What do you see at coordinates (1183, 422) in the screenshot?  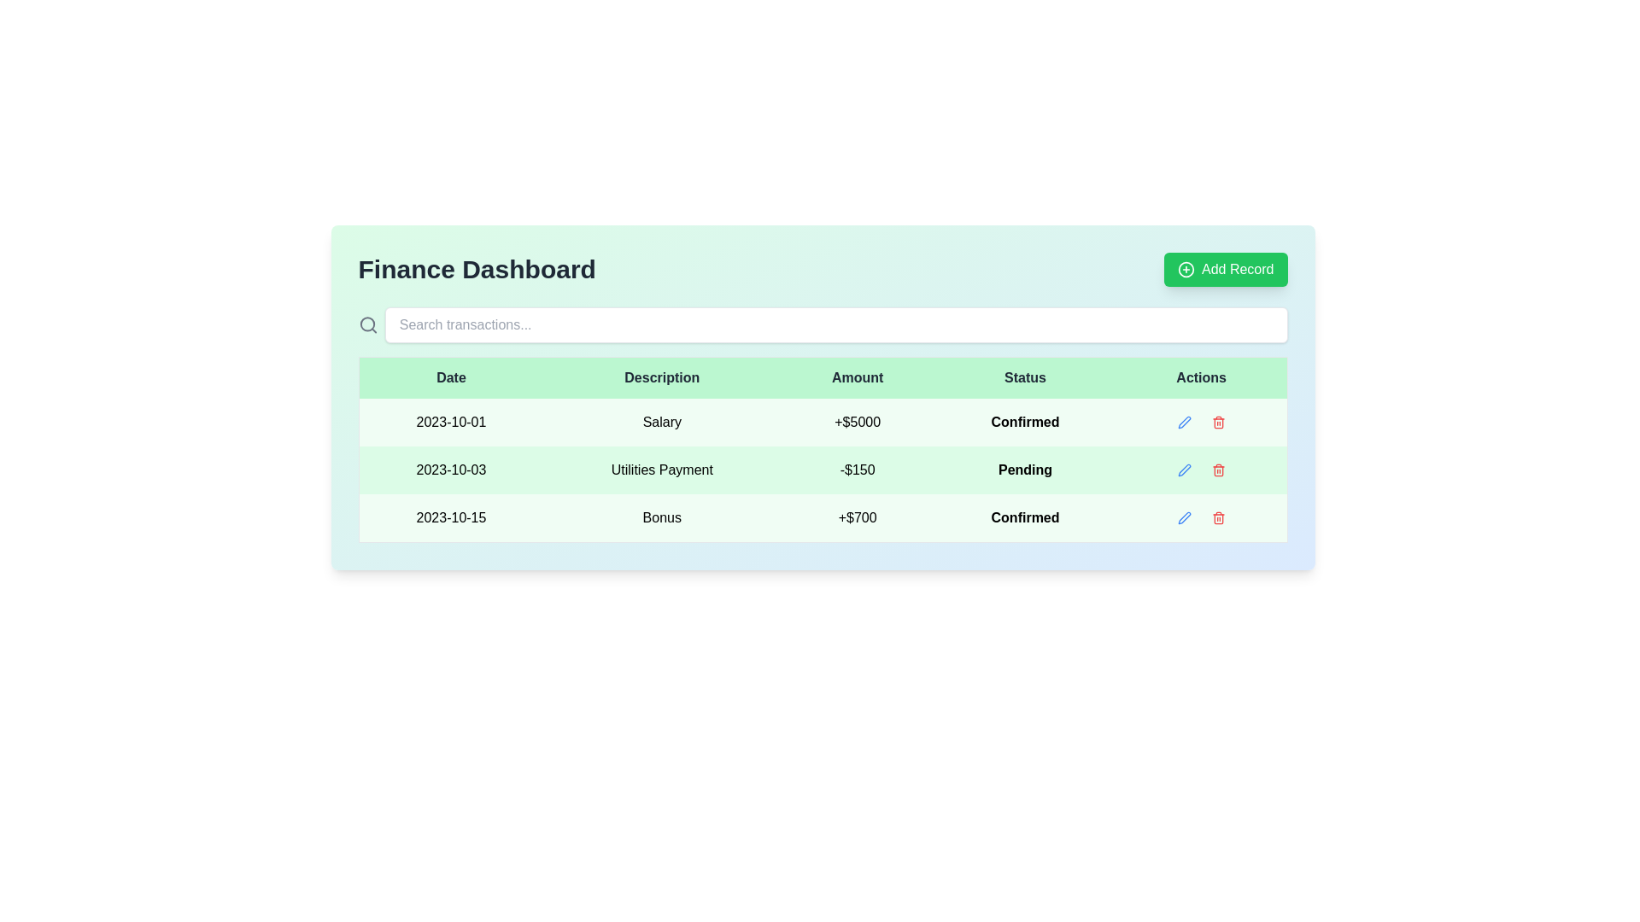 I see `the blue pencil-shaped icon in the Actions column of the first row of the table, which is styled to change color on hover` at bounding box center [1183, 422].